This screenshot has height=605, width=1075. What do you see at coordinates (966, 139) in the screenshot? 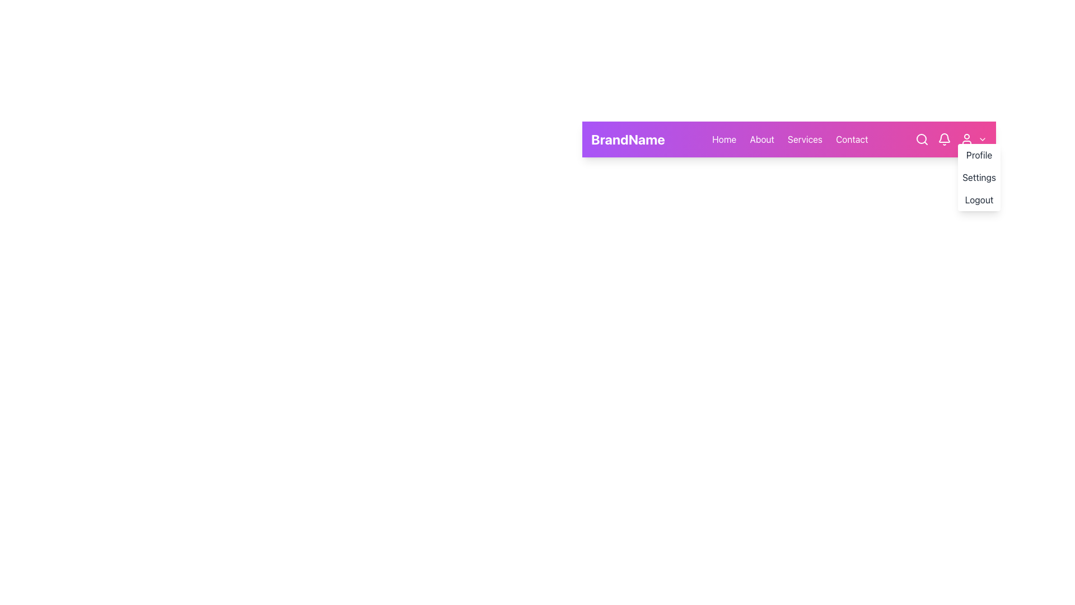
I see `the user icon represented by a simple outline of a person in white against a pink background, located at the top-right corner of the navigation bar` at bounding box center [966, 139].